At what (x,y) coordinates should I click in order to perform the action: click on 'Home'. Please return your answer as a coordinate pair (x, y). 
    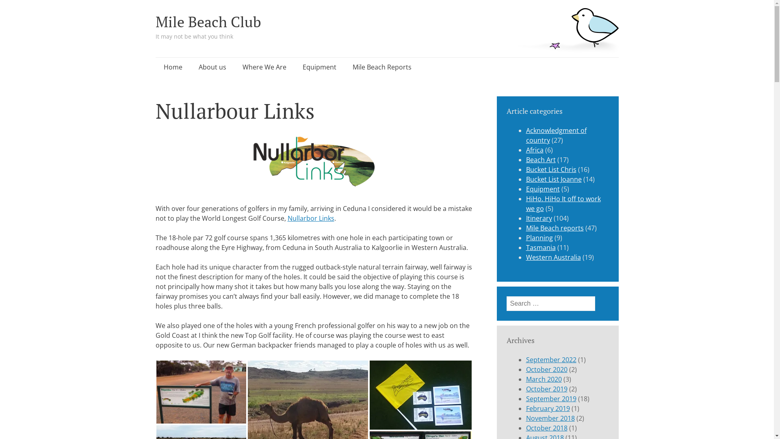
    Looking at the image, I should click on (172, 67).